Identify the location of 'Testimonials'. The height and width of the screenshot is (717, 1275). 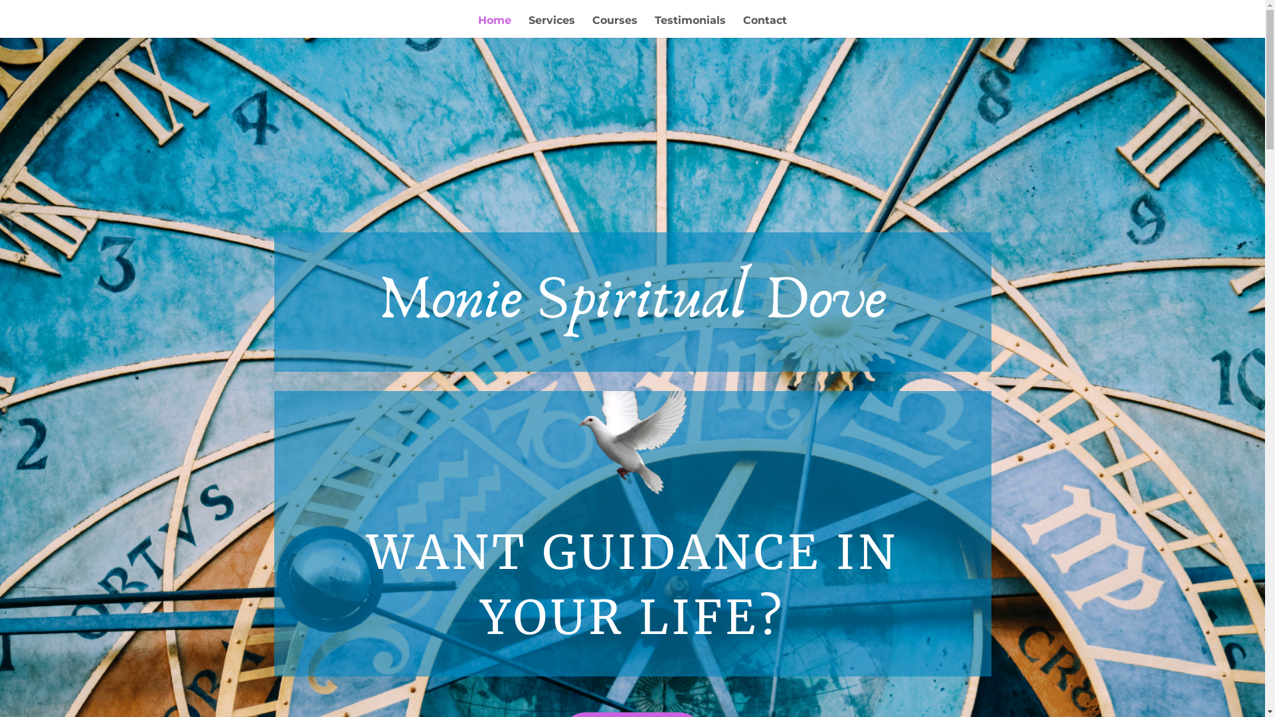
(690, 27).